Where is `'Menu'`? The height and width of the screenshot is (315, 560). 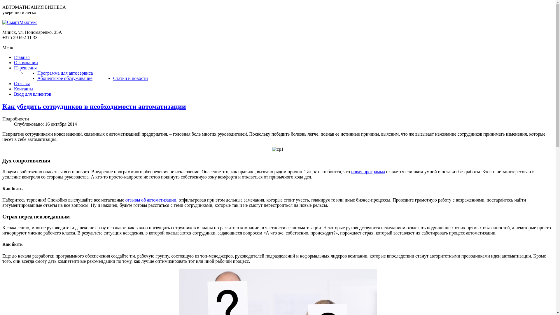 'Menu' is located at coordinates (8, 47).